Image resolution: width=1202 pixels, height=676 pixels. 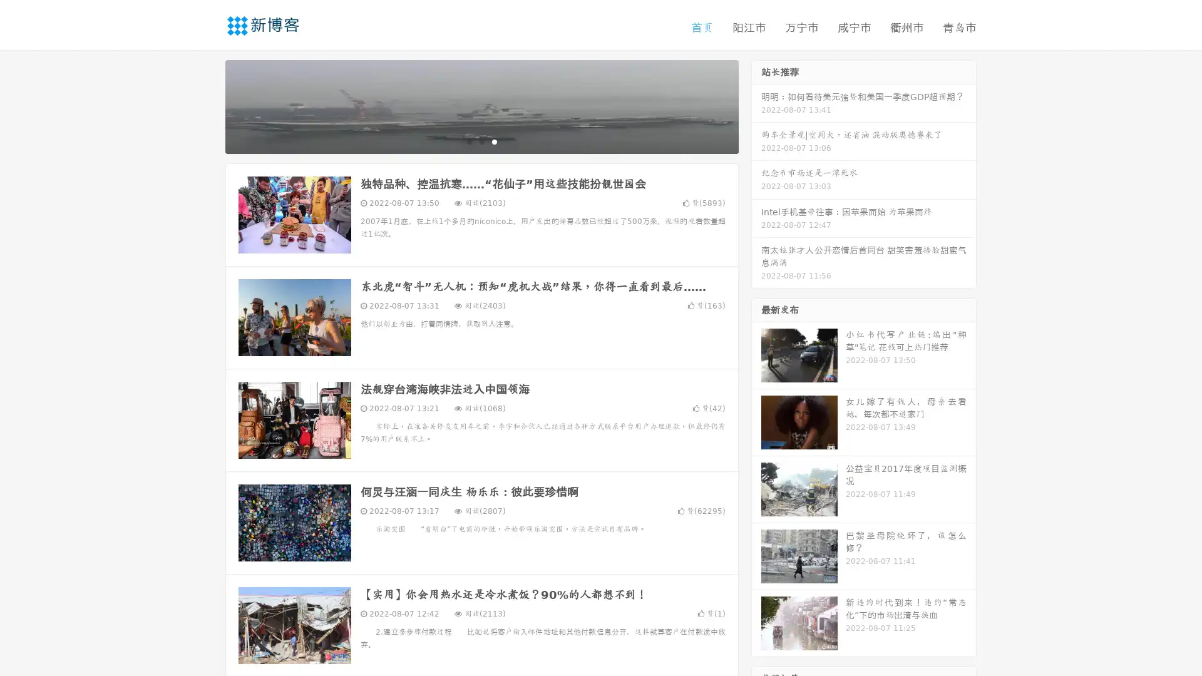 I want to click on Previous slide, so click(x=207, y=105).